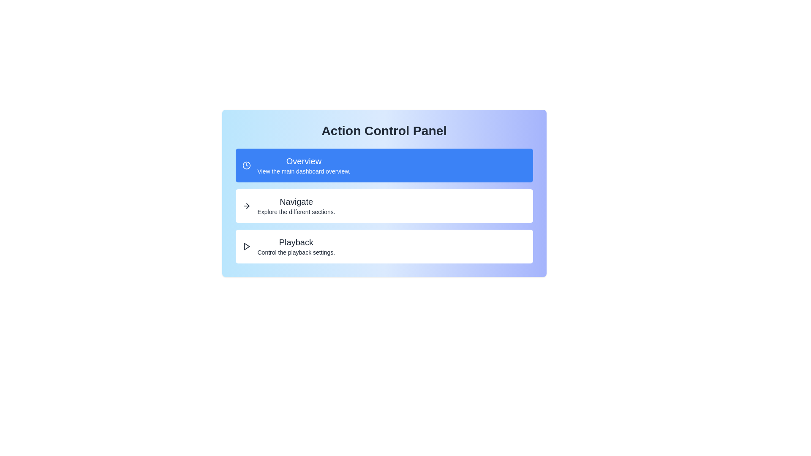 The height and width of the screenshot is (456, 811). I want to click on the Text element that provides additional context for the 'Navigate' section, located directly below the 'Navigate' header and above the 'Playback' section, so click(296, 211).